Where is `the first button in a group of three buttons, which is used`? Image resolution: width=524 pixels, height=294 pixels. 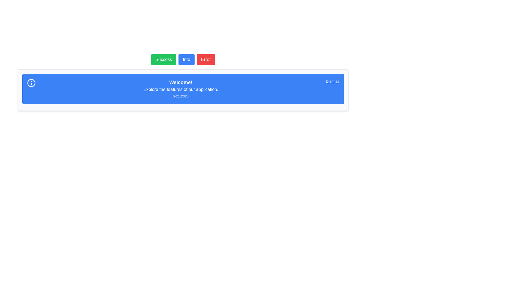
the first button in a group of three buttons, which is used is located at coordinates (163, 60).